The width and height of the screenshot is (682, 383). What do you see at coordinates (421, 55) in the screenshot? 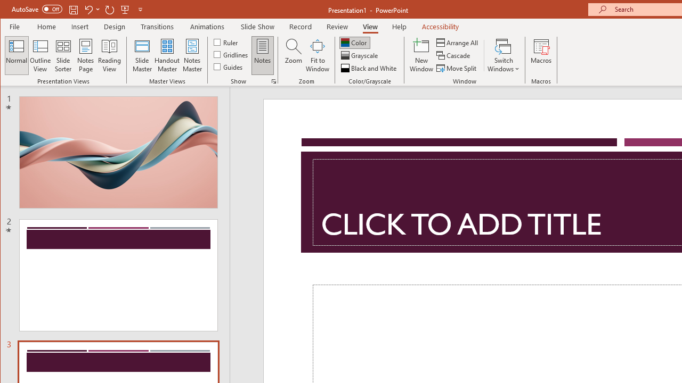
I see `'New Window'` at bounding box center [421, 55].